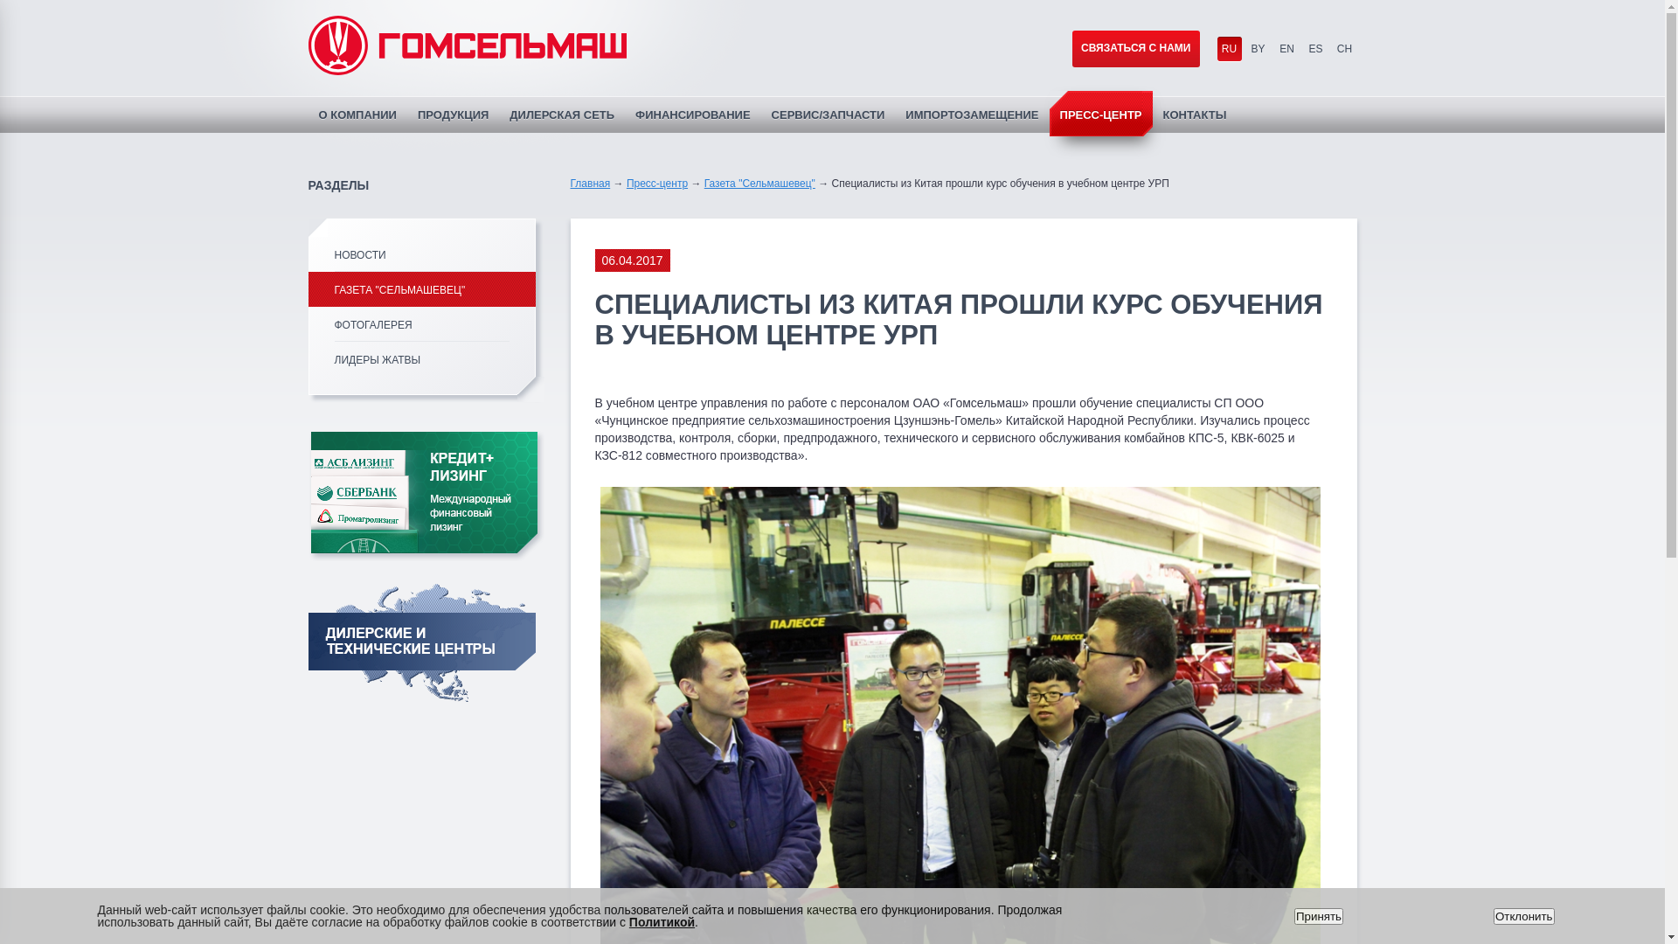 The width and height of the screenshot is (1678, 944). What do you see at coordinates (1342, 48) in the screenshot?
I see `'CH'` at bounding box center [1342, 48].